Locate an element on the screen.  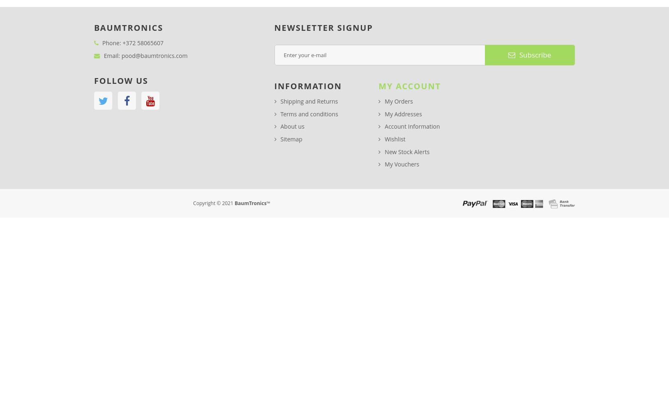
'Phone: +372 58065607' is located at coordinates (132, 42).